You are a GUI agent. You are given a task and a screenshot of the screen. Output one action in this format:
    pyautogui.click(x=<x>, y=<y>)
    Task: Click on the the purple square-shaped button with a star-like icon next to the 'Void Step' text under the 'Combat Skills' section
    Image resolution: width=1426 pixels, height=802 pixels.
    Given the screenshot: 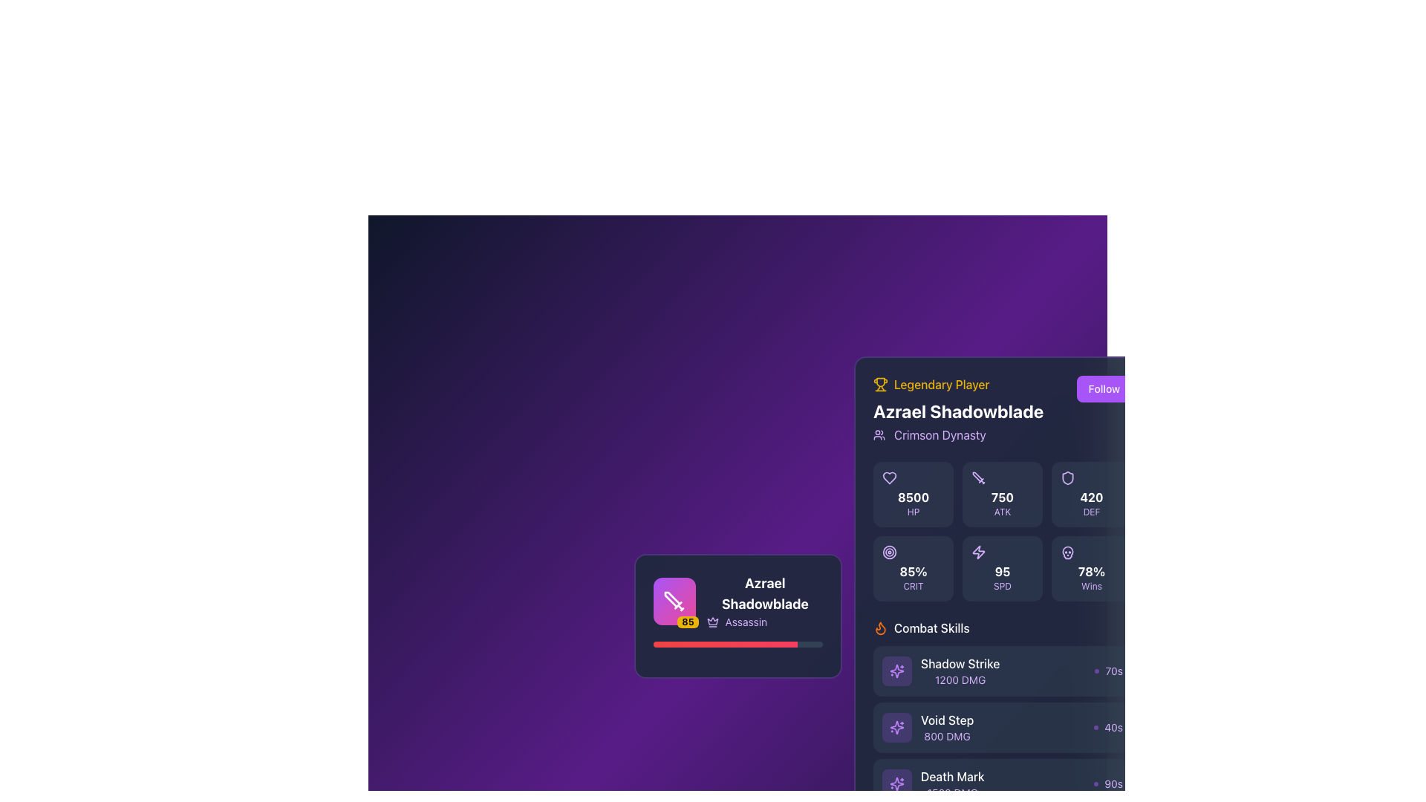 What is the action you would take?
    pyautogui.click(x=896, y=726)
    